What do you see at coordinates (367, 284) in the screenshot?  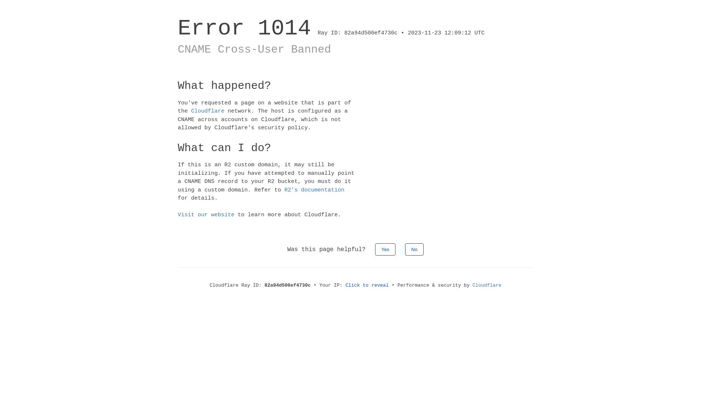 I see `'Click to reveal'` at bounding box center [367, 284].